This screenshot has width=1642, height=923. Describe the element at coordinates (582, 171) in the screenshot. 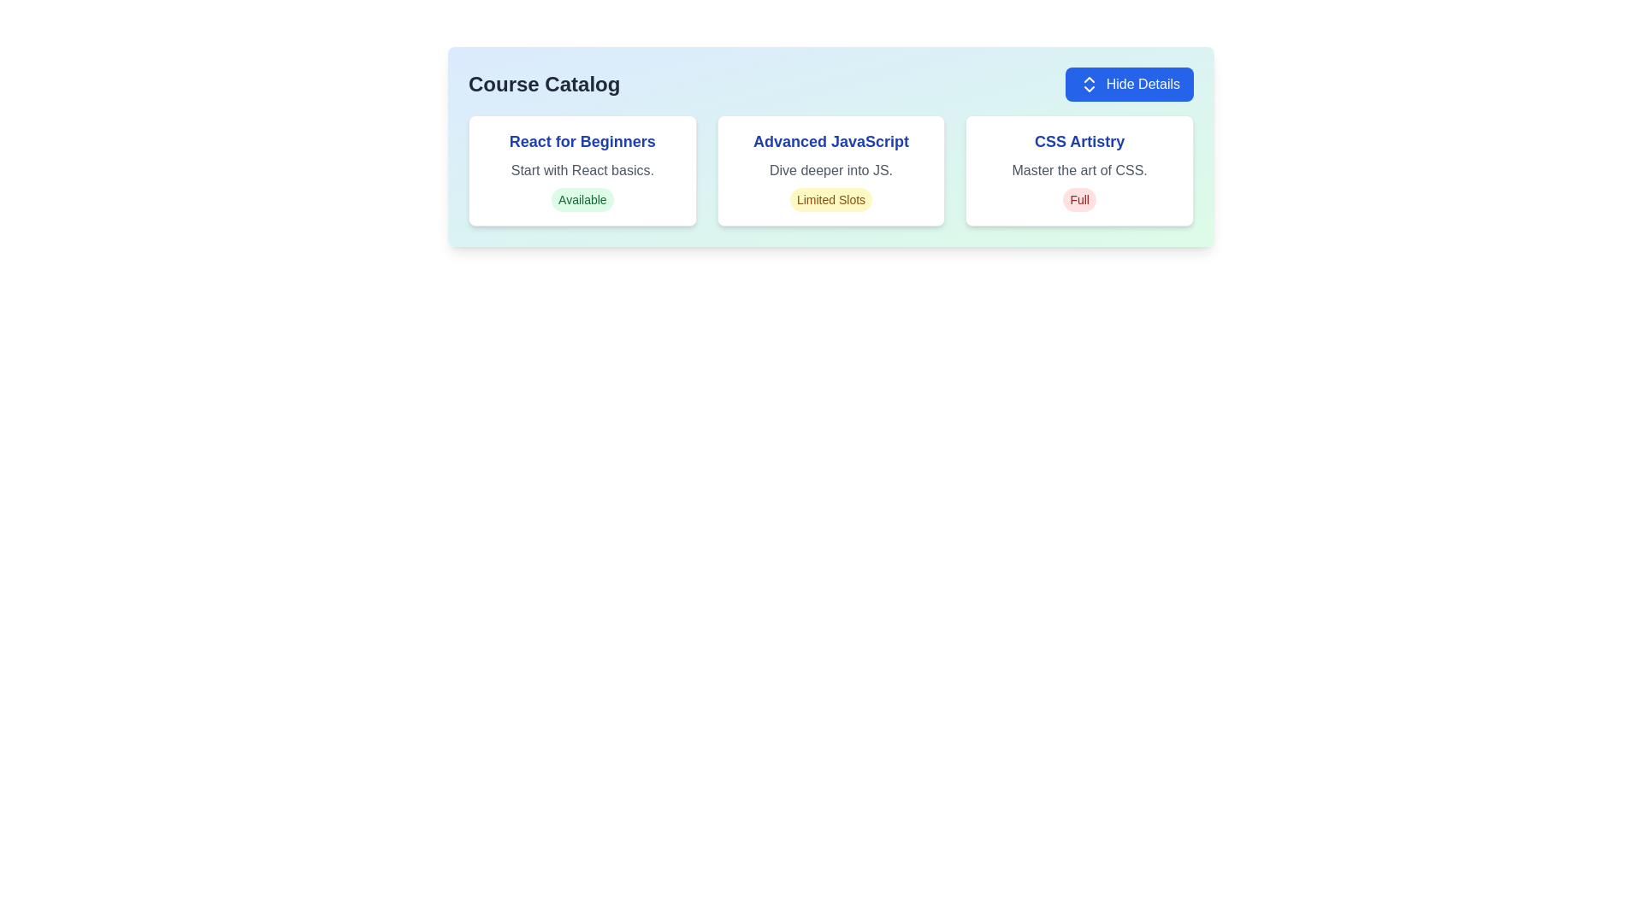

I see `the interactive information panel for 'React for Beginners' to navigate` at that location.